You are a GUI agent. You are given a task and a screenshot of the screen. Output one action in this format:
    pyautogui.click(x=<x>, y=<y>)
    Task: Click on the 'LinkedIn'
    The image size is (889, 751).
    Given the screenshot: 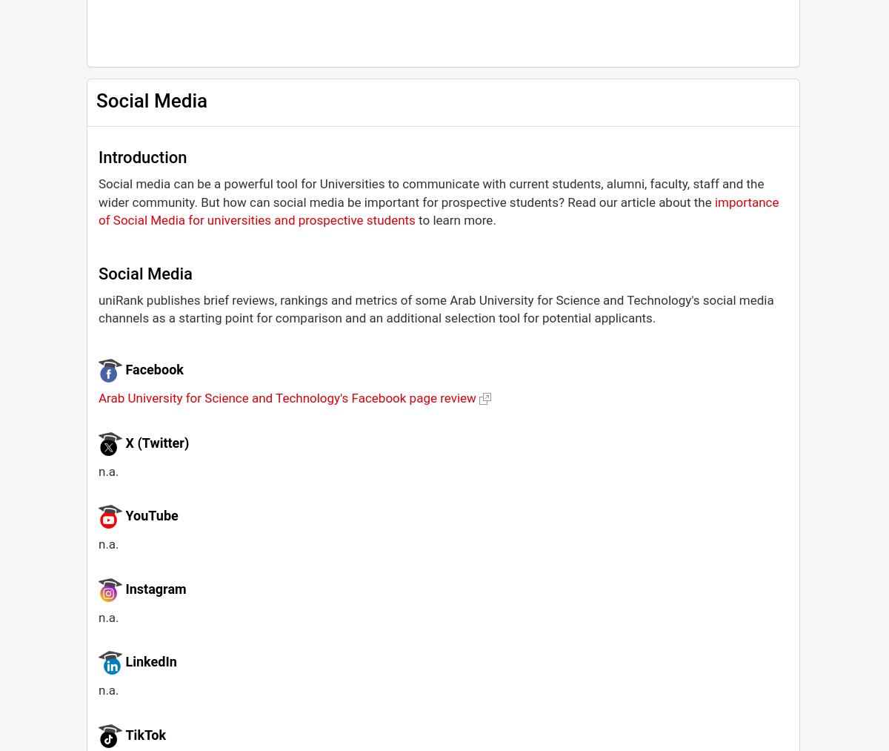 What is the action you would take?
    pyautogui.click(x=150, y=661)
    